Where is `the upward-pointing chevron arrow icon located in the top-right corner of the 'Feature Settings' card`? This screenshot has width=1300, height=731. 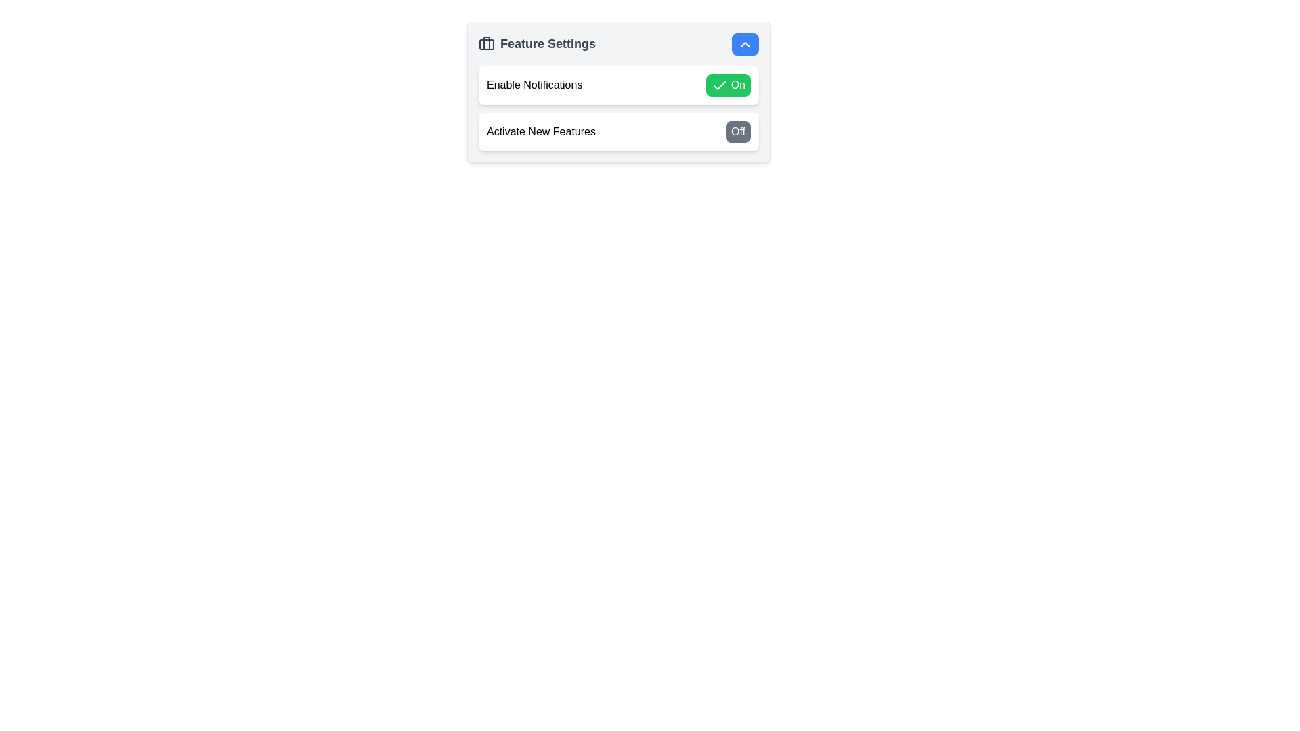 the upward-pointing chevron arrow icon located in the top-right corner of the 'Feature Settings' card is located at coordinates (744, 43).